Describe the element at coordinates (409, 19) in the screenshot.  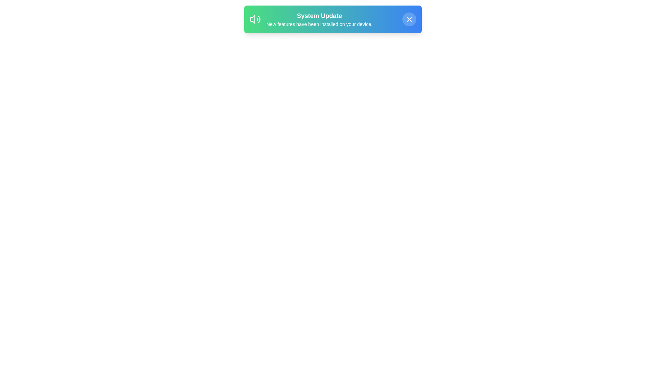
I see `the close button to dismiss the notification` at that location.